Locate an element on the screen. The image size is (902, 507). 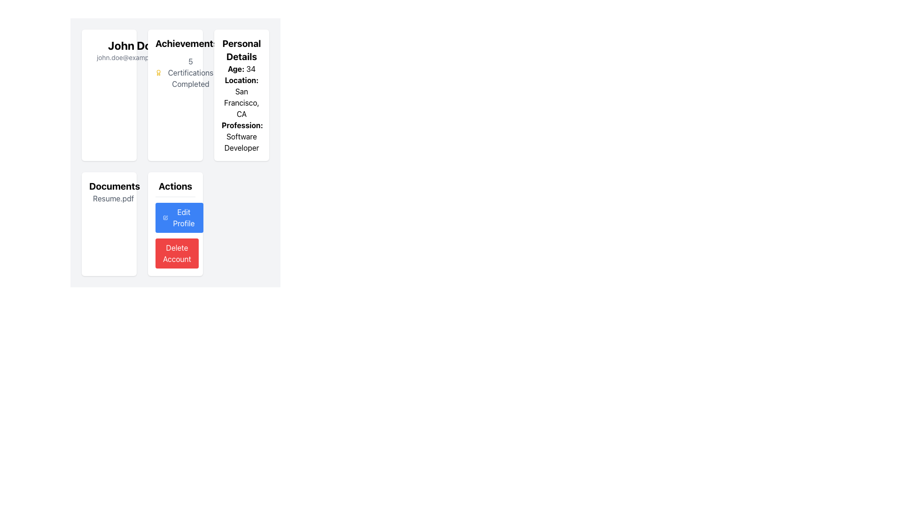
the text label referencing the file 'Resume.pdf' located is located at coordinates (113, 198).